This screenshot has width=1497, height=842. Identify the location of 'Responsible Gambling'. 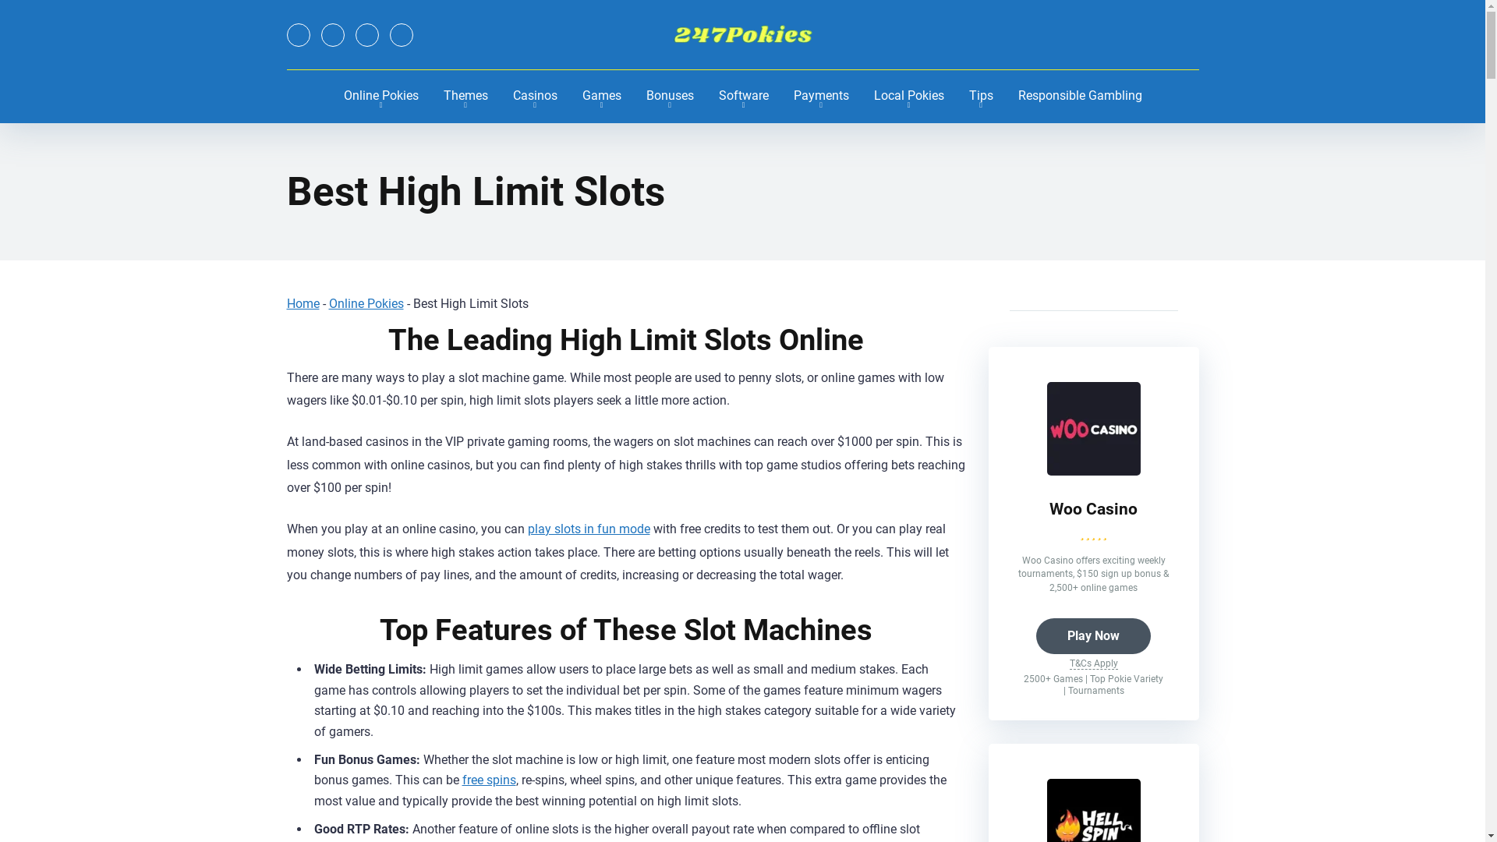
(1079, 96).